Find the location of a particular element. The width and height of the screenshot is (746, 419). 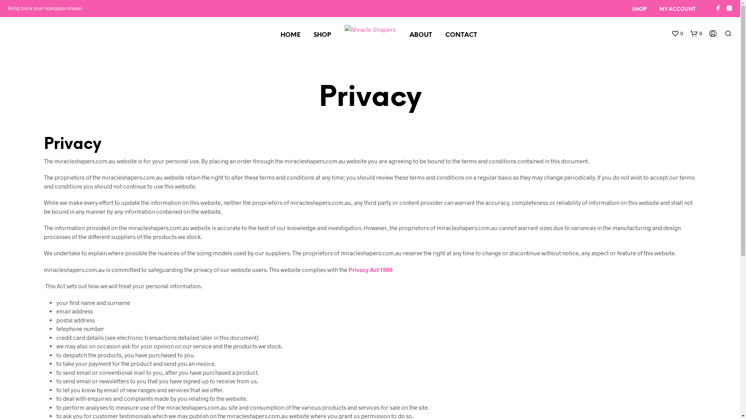

'SHOP' is located at coordinates (322, 35).